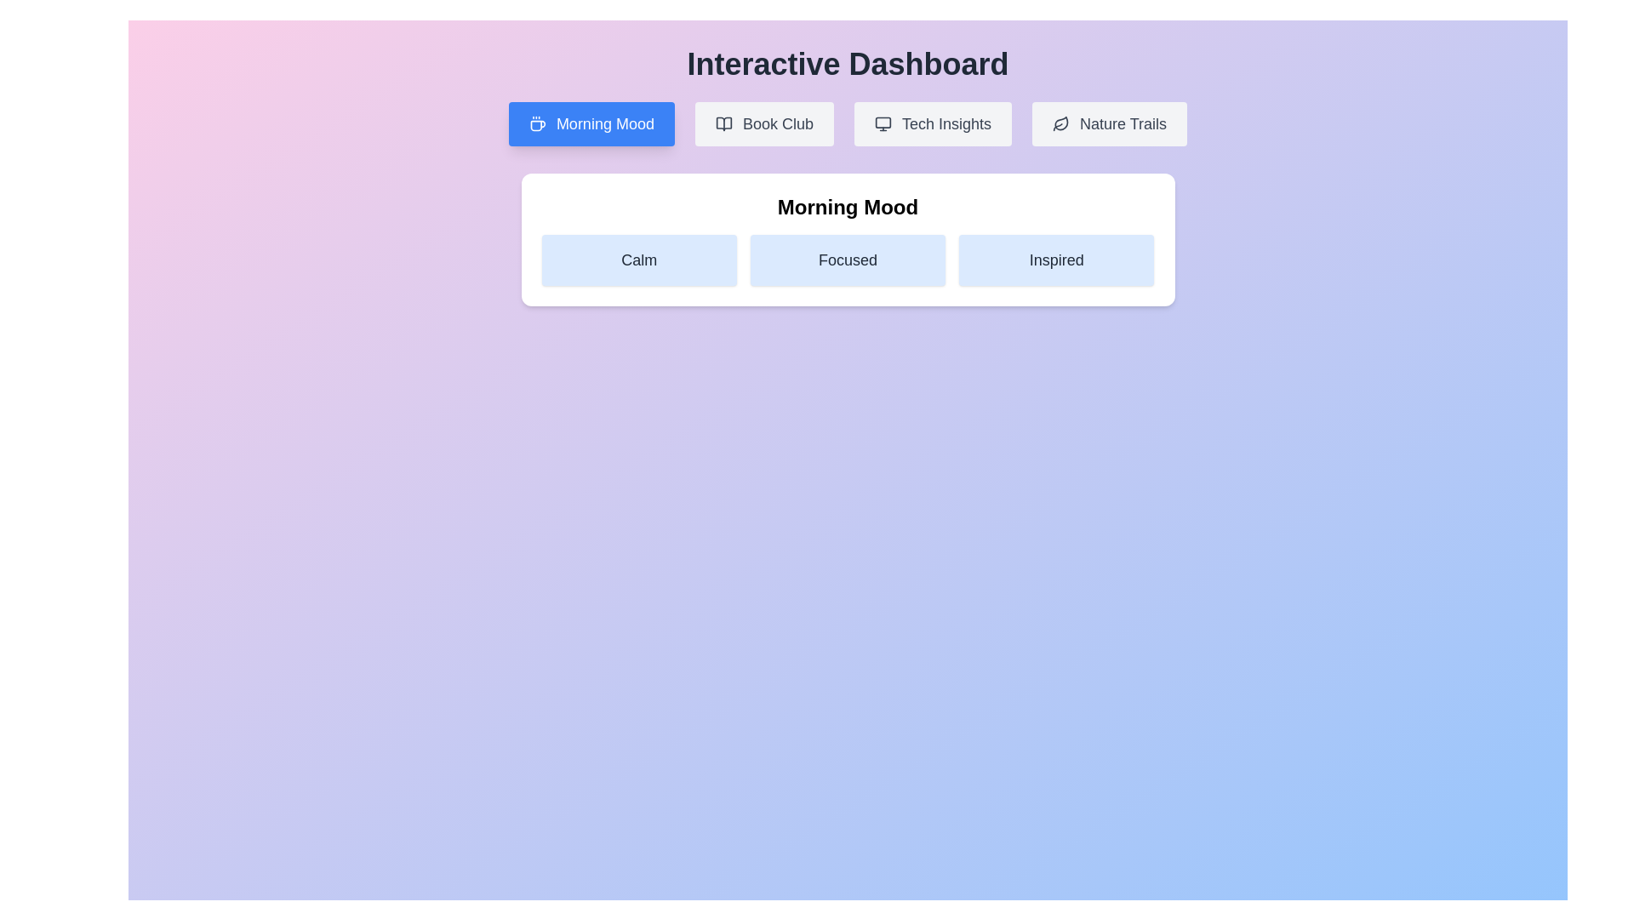  Describe the element at coordinates (932, 123) in the screenshot. I see `the 'Tech Insights' button, which is a rectangular button with rounded corners, light gray background, bold black text, and a computer monitor icon on its left side` at that location.